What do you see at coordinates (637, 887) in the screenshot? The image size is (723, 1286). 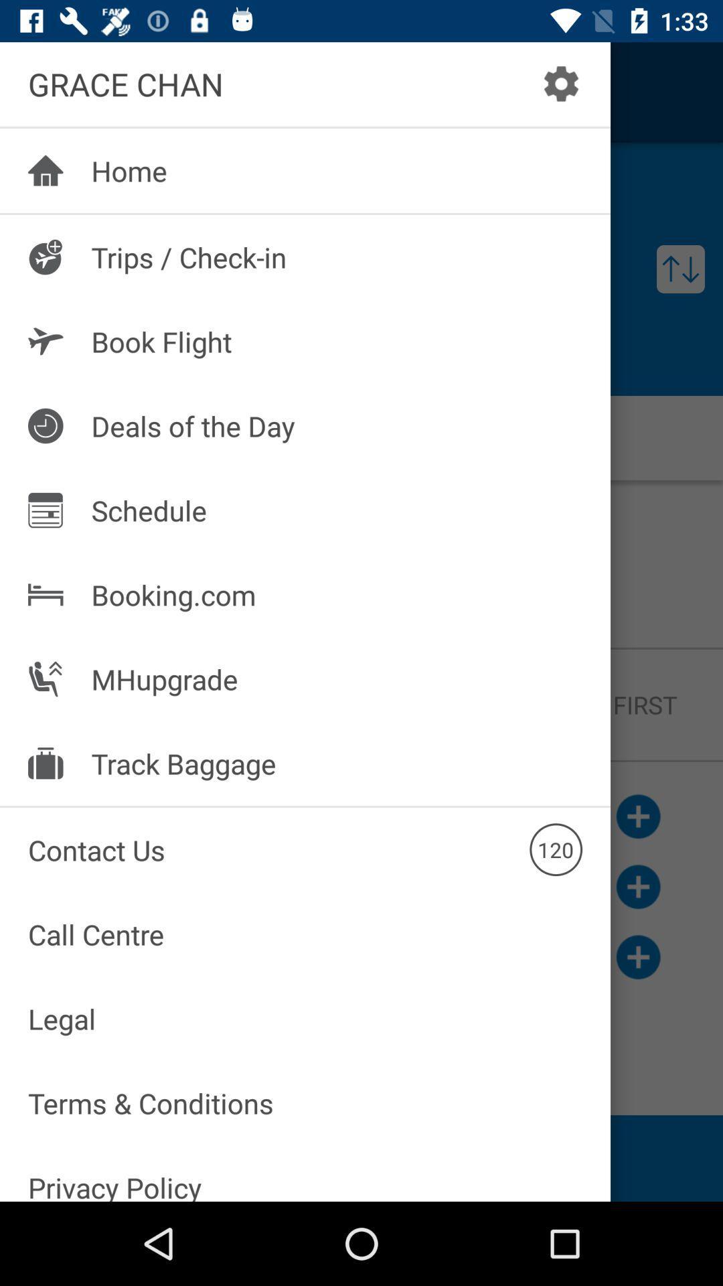 I see `the add icon` at bounding box center [637, 887].